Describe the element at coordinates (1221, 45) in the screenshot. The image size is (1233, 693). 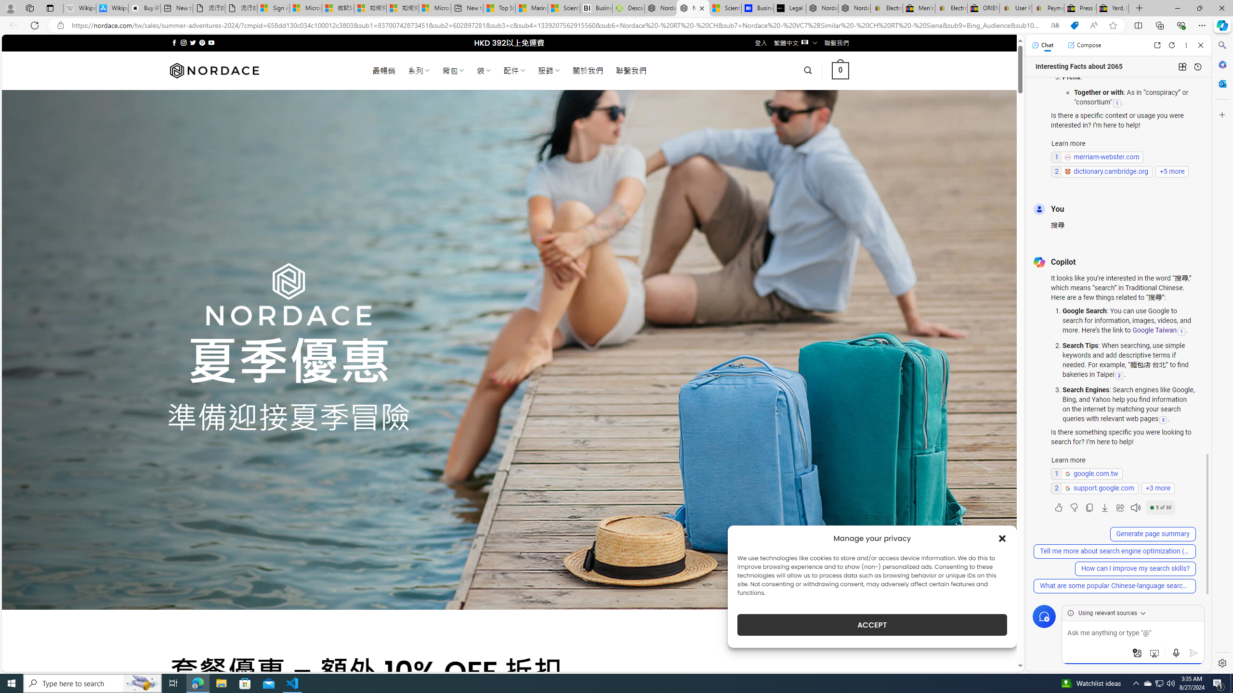
I see `'Minimize Search pane'` at that location.